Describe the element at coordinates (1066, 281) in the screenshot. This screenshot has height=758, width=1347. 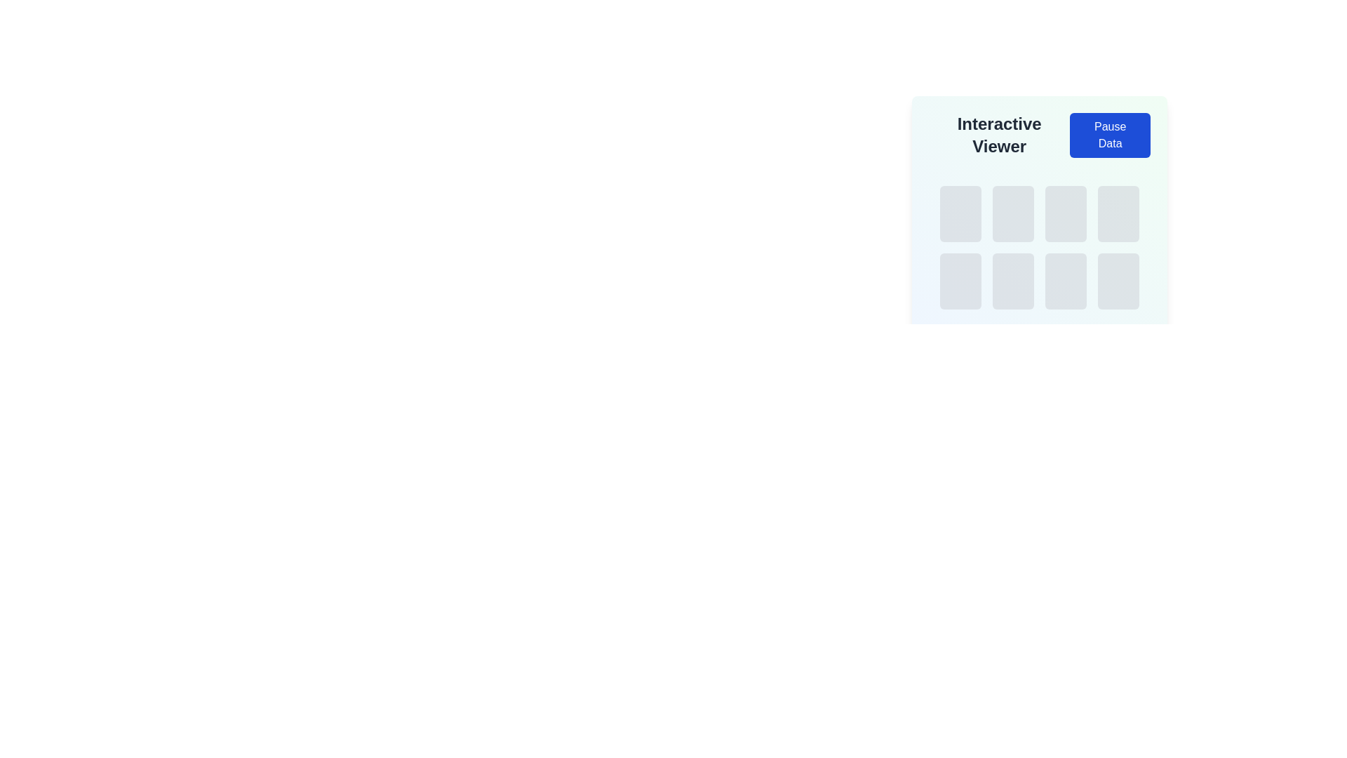
I see `the visual placeholder located in the third column of the second row in the grid layout` at that location.